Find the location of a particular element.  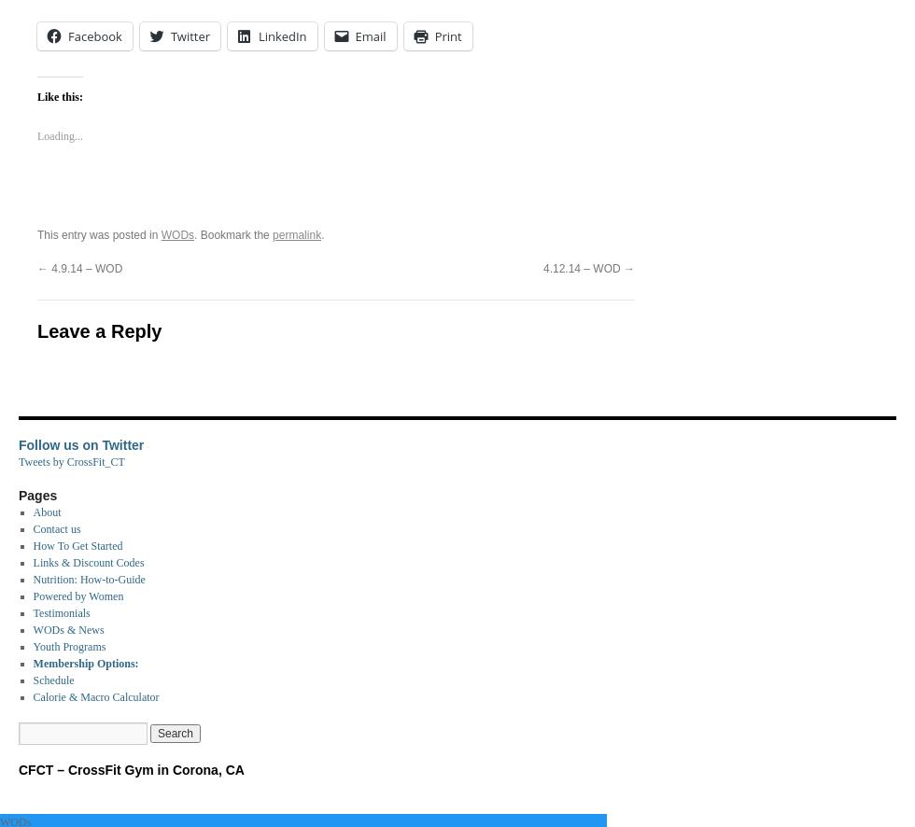

'Links & Discount Codes' is located at coordinates (88, 562).